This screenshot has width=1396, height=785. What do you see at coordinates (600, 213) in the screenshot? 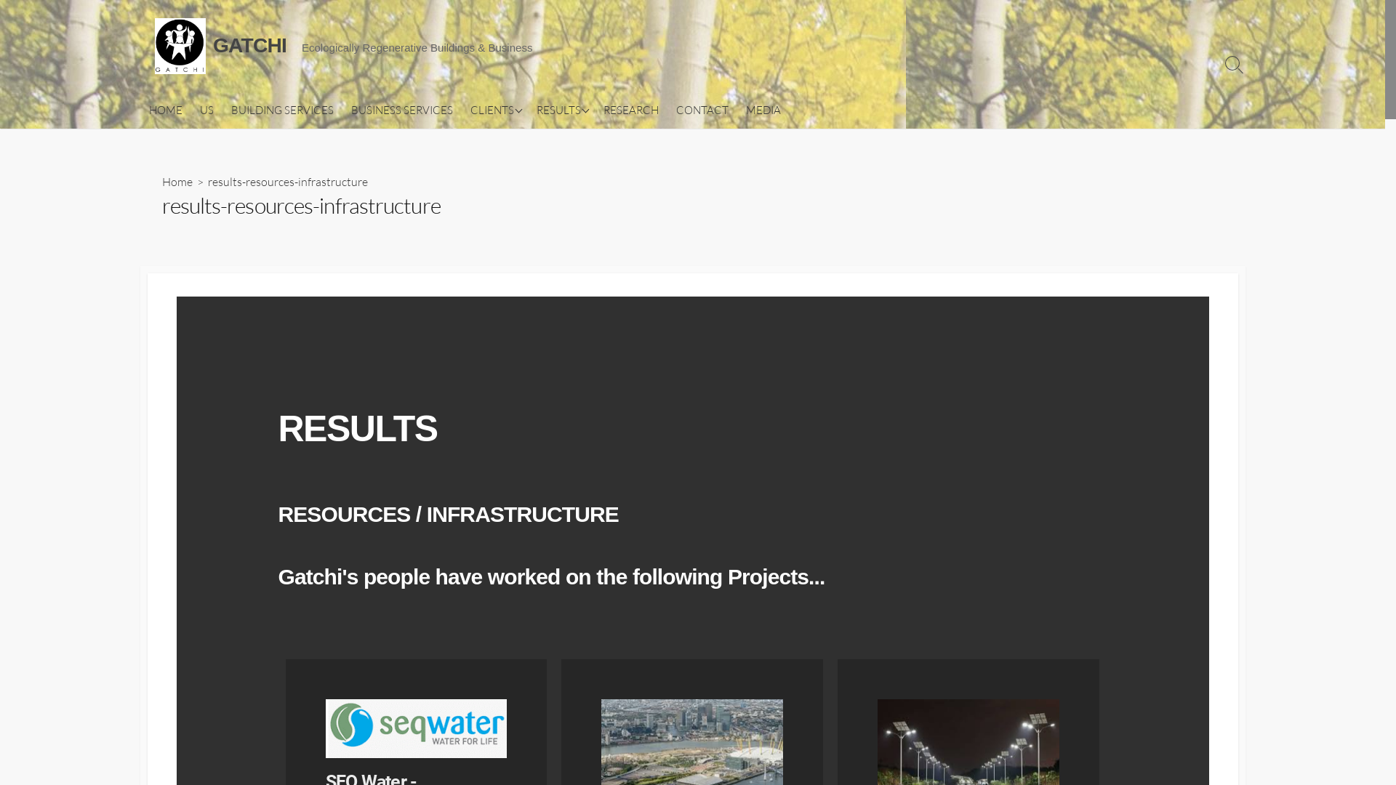
I see `'Resources/Infrastructure'` at bounding box center [600, 213].